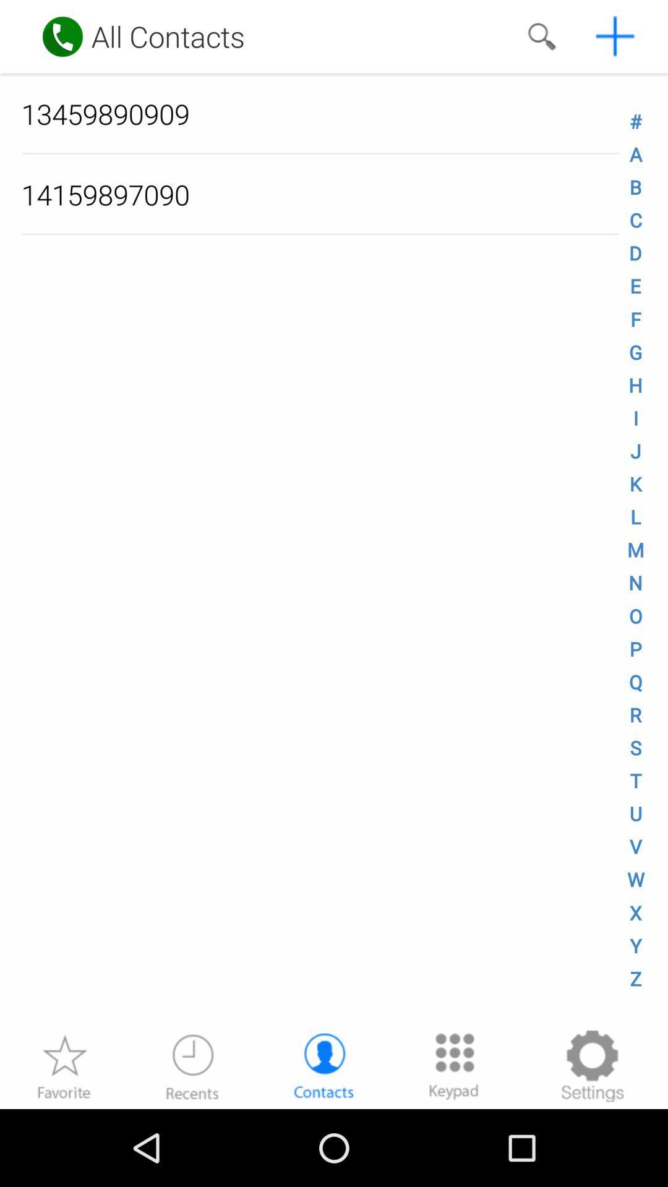 This screenshot has height=1187, width=668. Describe the element at coordinates (591, 1065) in the screenshot. I see `setting button` at that location.